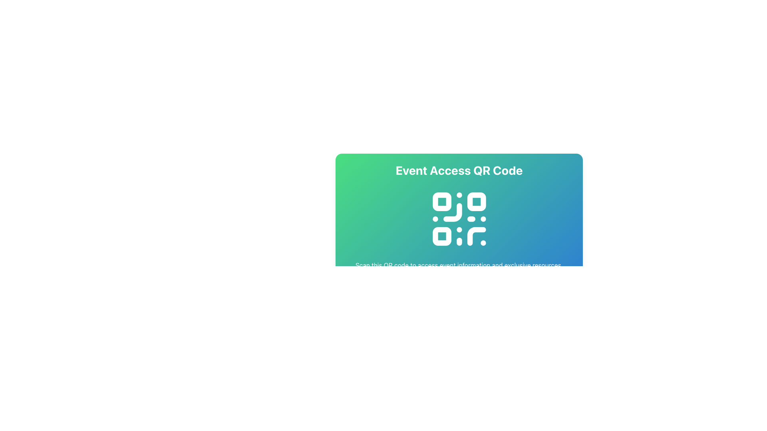 Image resolution: width=767 pixels, height=431 pixels. What do you see at coordinates (459, 204) in the screenshot?
I see `the Informative Card which provides access to event-related information via a QR code, located in the upper-middle section of the interface` at bounding box center [459, 204].